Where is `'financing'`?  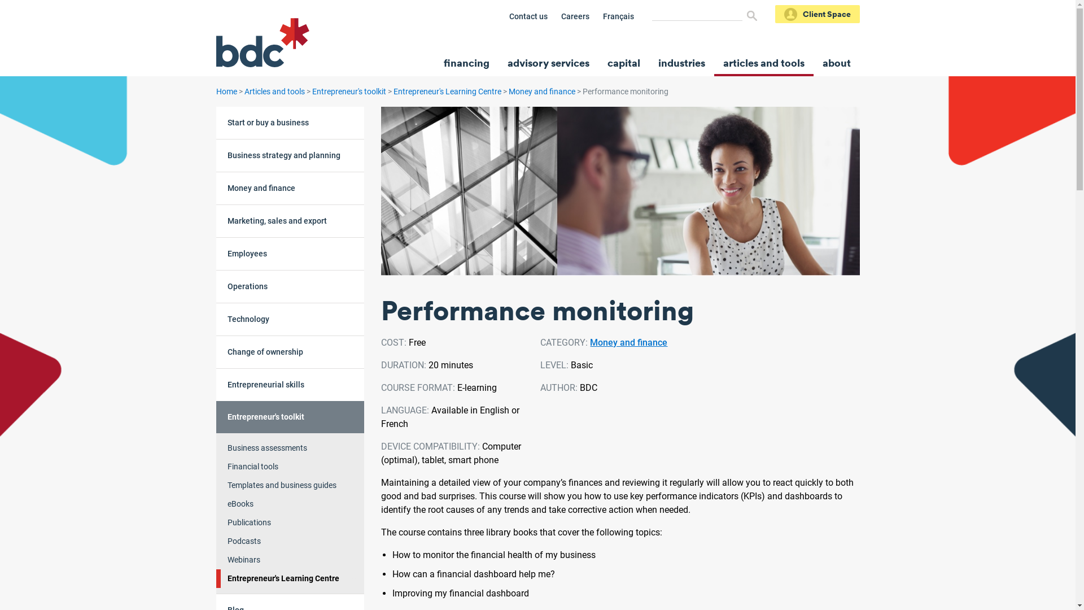 'financing' is located at coordinates (466, 63).